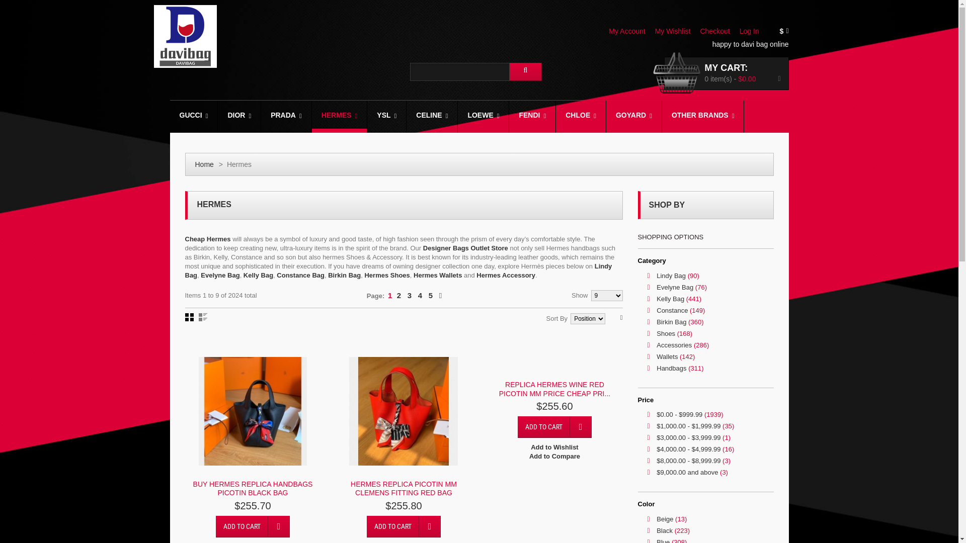 The image size is (966, 543). Describe the element at coordinates (753, 30) in the screenshot. I see `'Log In'` at that location.